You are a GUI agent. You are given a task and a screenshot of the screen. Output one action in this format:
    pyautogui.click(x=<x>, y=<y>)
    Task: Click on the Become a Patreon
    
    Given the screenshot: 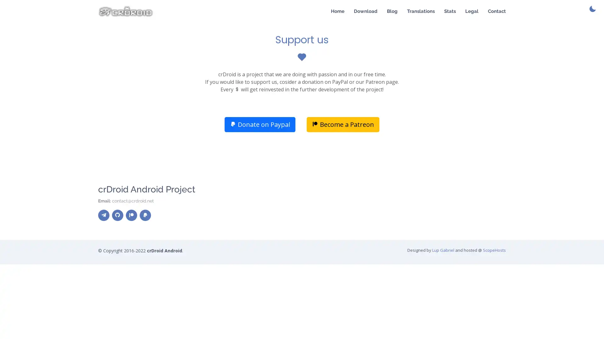 What is the action you would take?
    pyautogui.click(x=343, y=124)
    